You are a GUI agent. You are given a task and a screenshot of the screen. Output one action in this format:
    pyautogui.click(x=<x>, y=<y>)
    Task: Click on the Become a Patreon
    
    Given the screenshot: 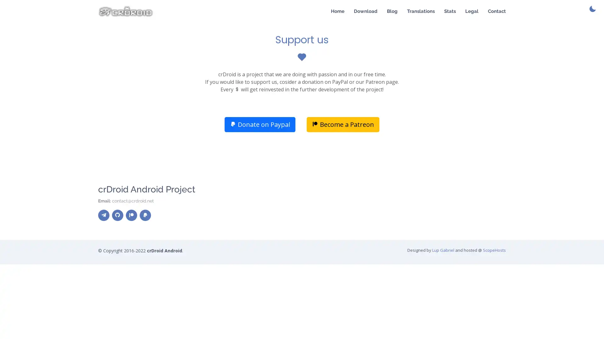 What is the action you would take?
    pyautogui.click(x=343, y=124)
    